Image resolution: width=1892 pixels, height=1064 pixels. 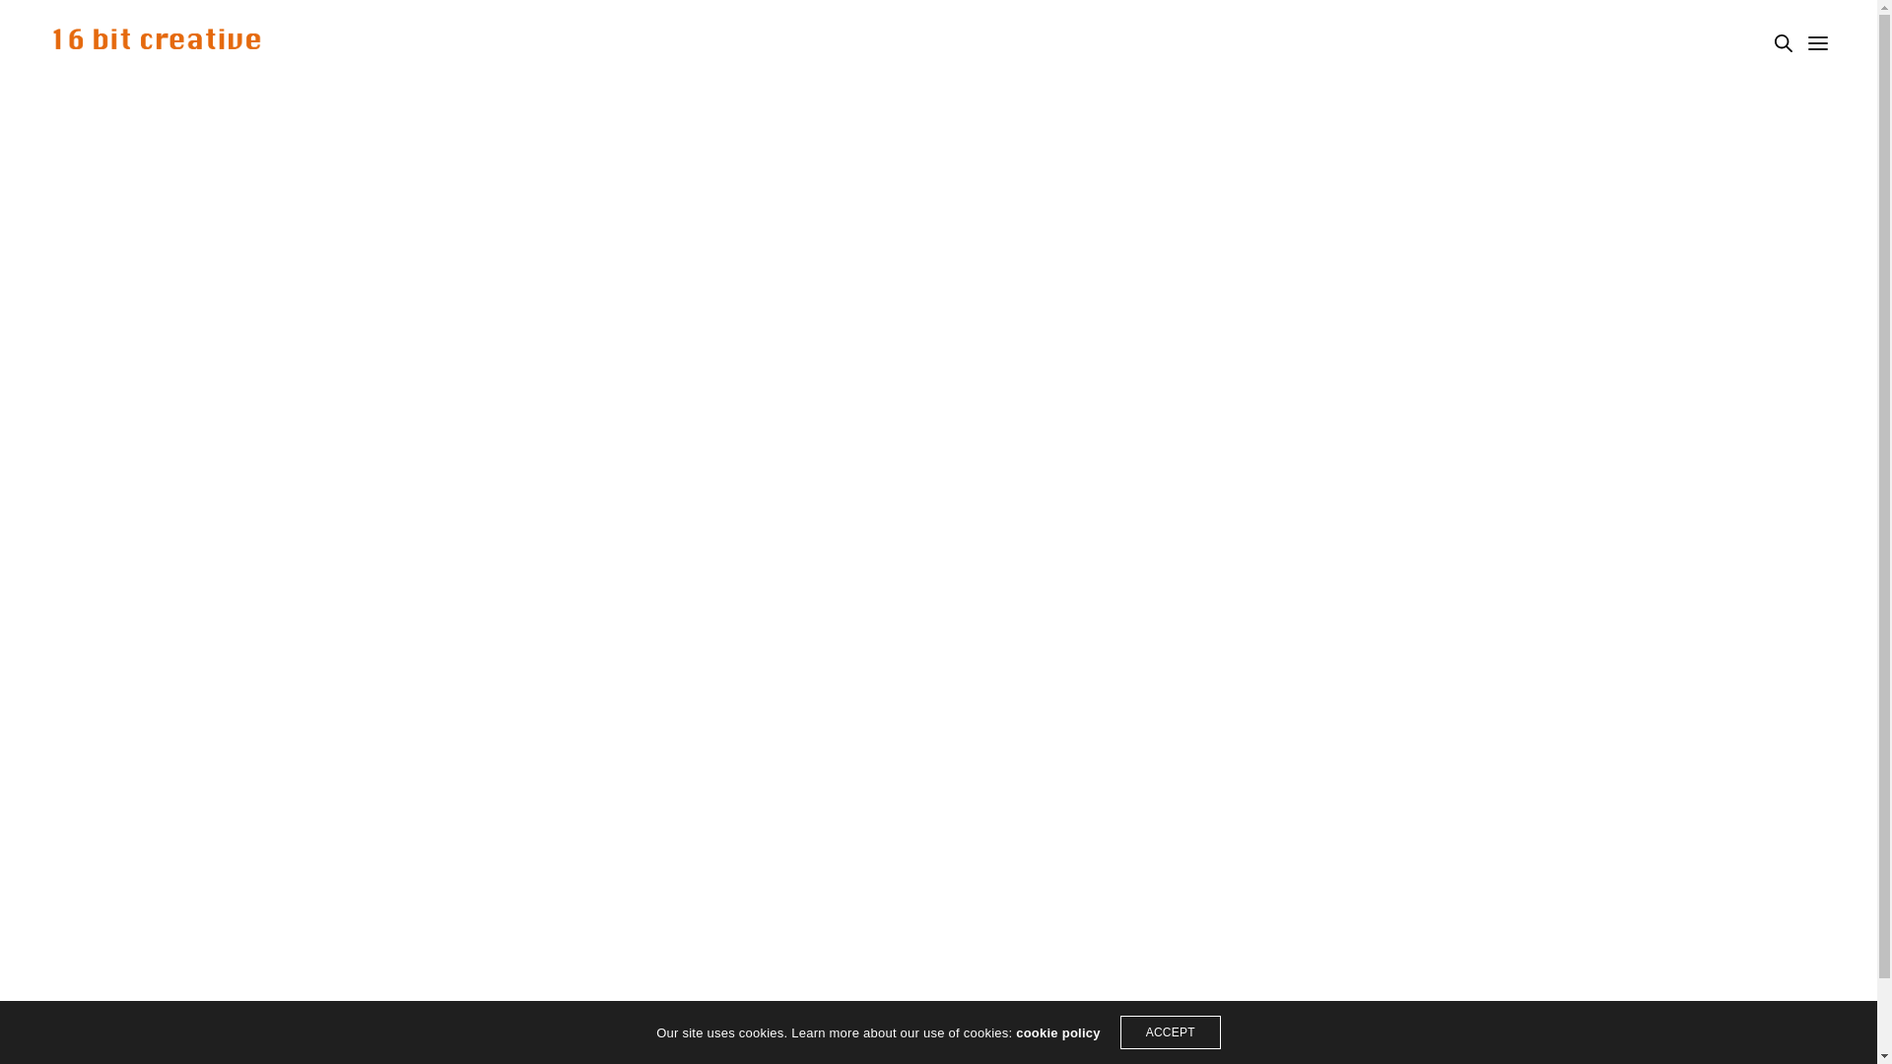 What do you see at coordinates (61, 22) in the screenshot?
I see `'Search'` at bounding box center [61, 22].